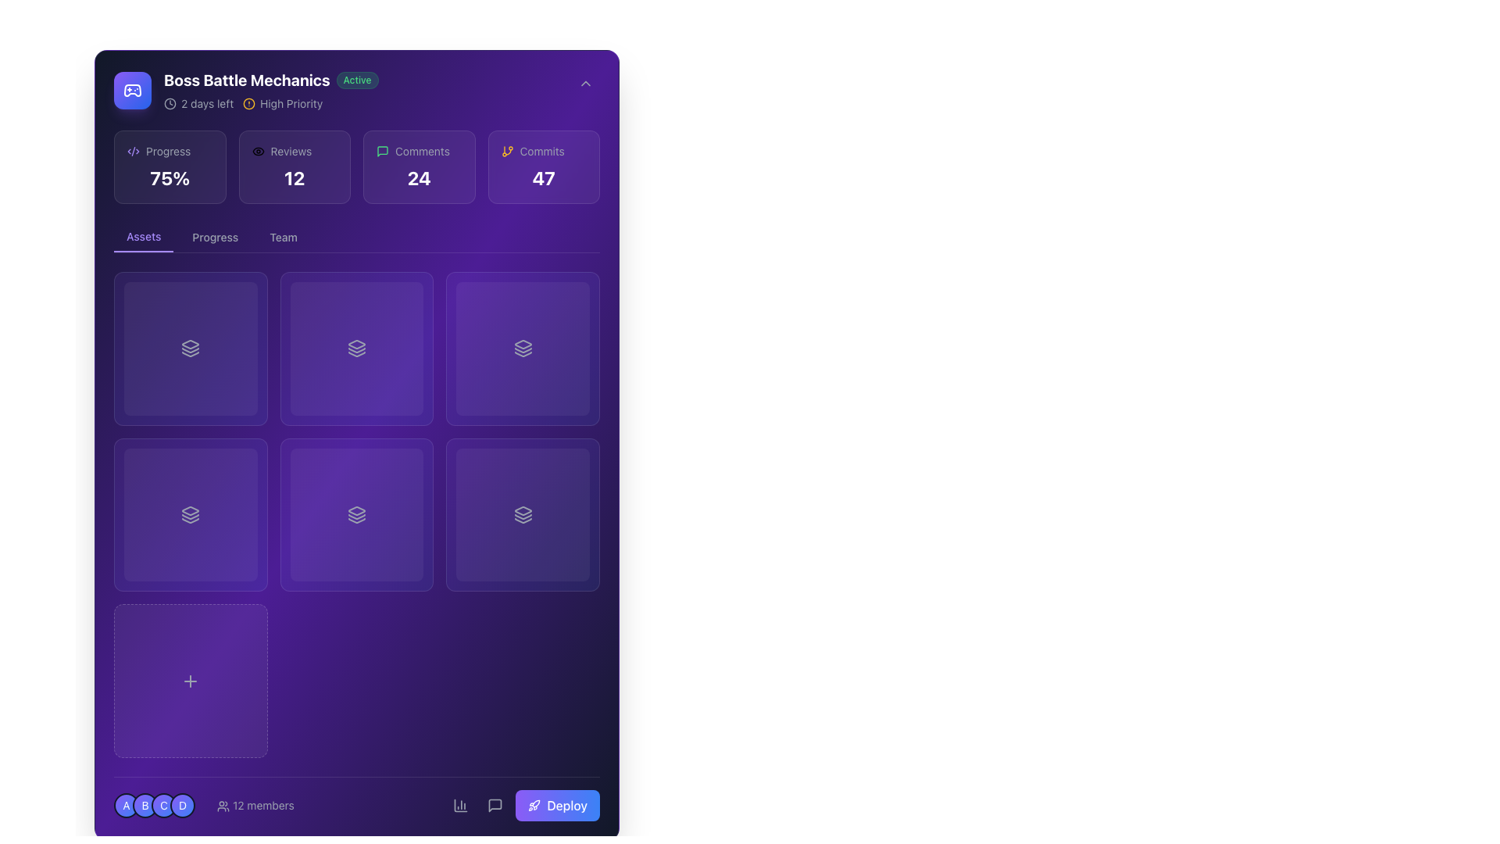 This screenshot has height=844, width=1500. What do you see at coordinates (495, 805) in the screenshot?
I see `the comment icon located in the bottom-right corner of the interface, adjacent to the 'Deploy' button and the bar chart icon, to trigger a visual change` at bounding box center [495, 805].